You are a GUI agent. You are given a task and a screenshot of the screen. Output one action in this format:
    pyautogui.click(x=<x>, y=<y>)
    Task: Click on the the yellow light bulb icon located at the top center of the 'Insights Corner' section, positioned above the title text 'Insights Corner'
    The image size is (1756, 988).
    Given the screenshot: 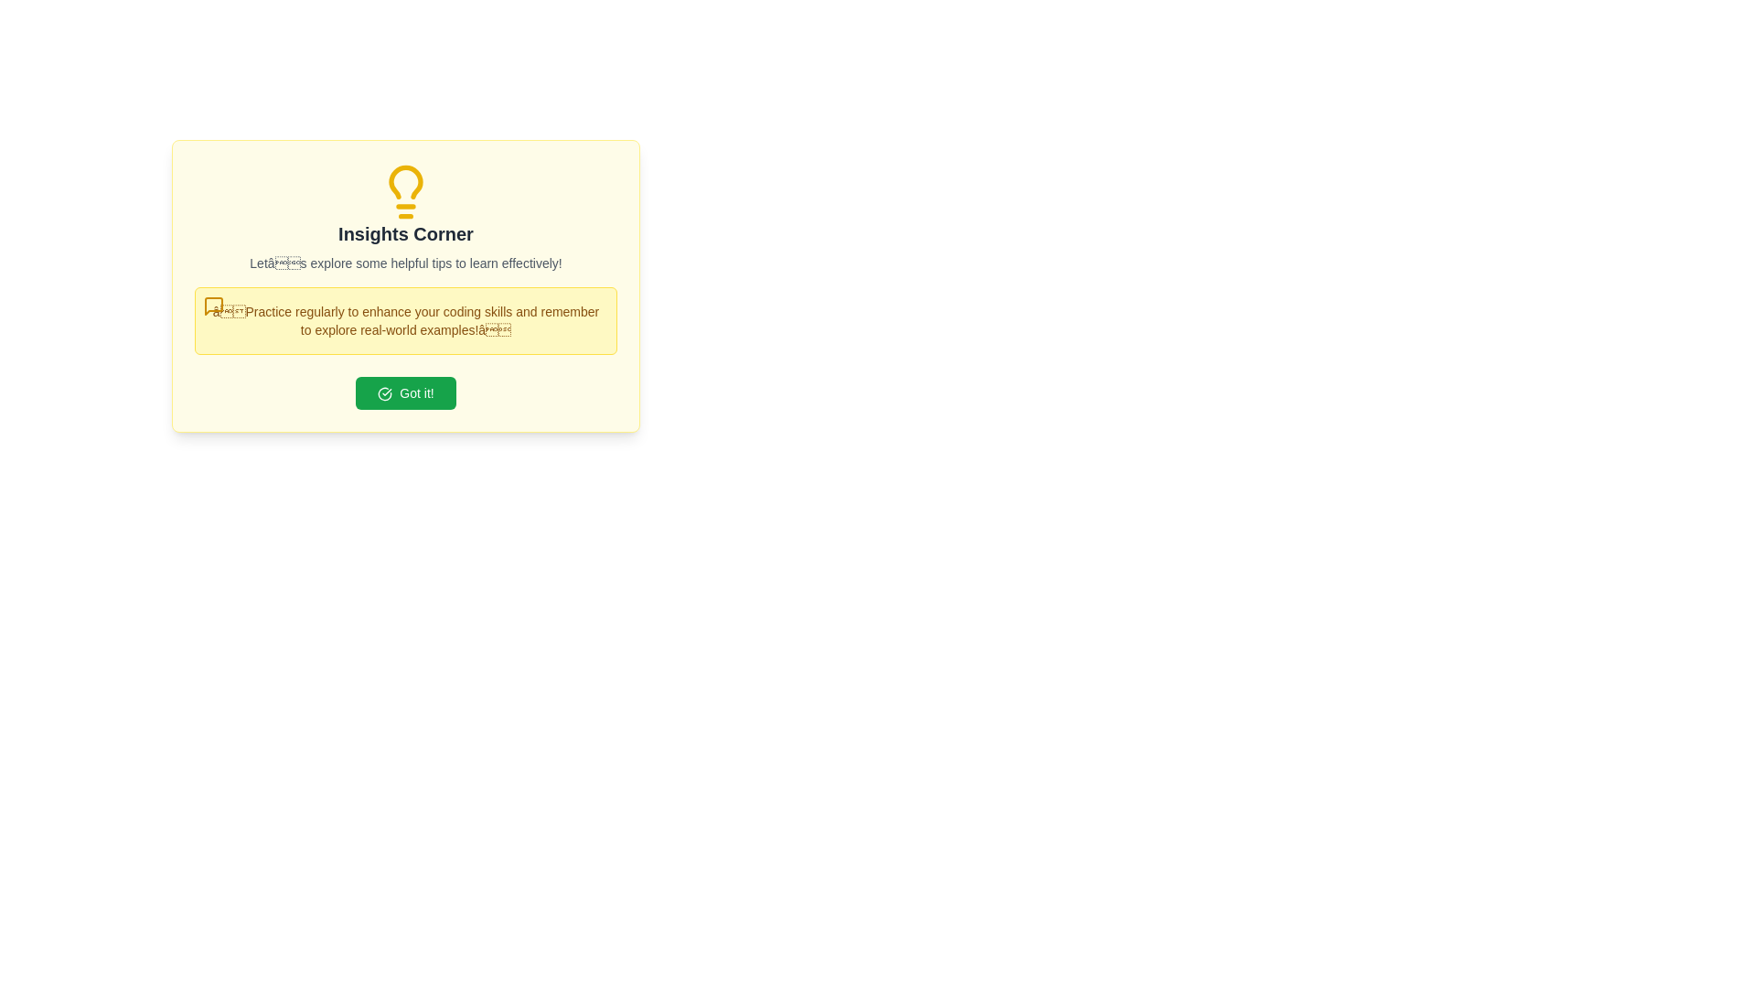 What is the action you would take?
    pyautogui.click(x=405, y=191)
    